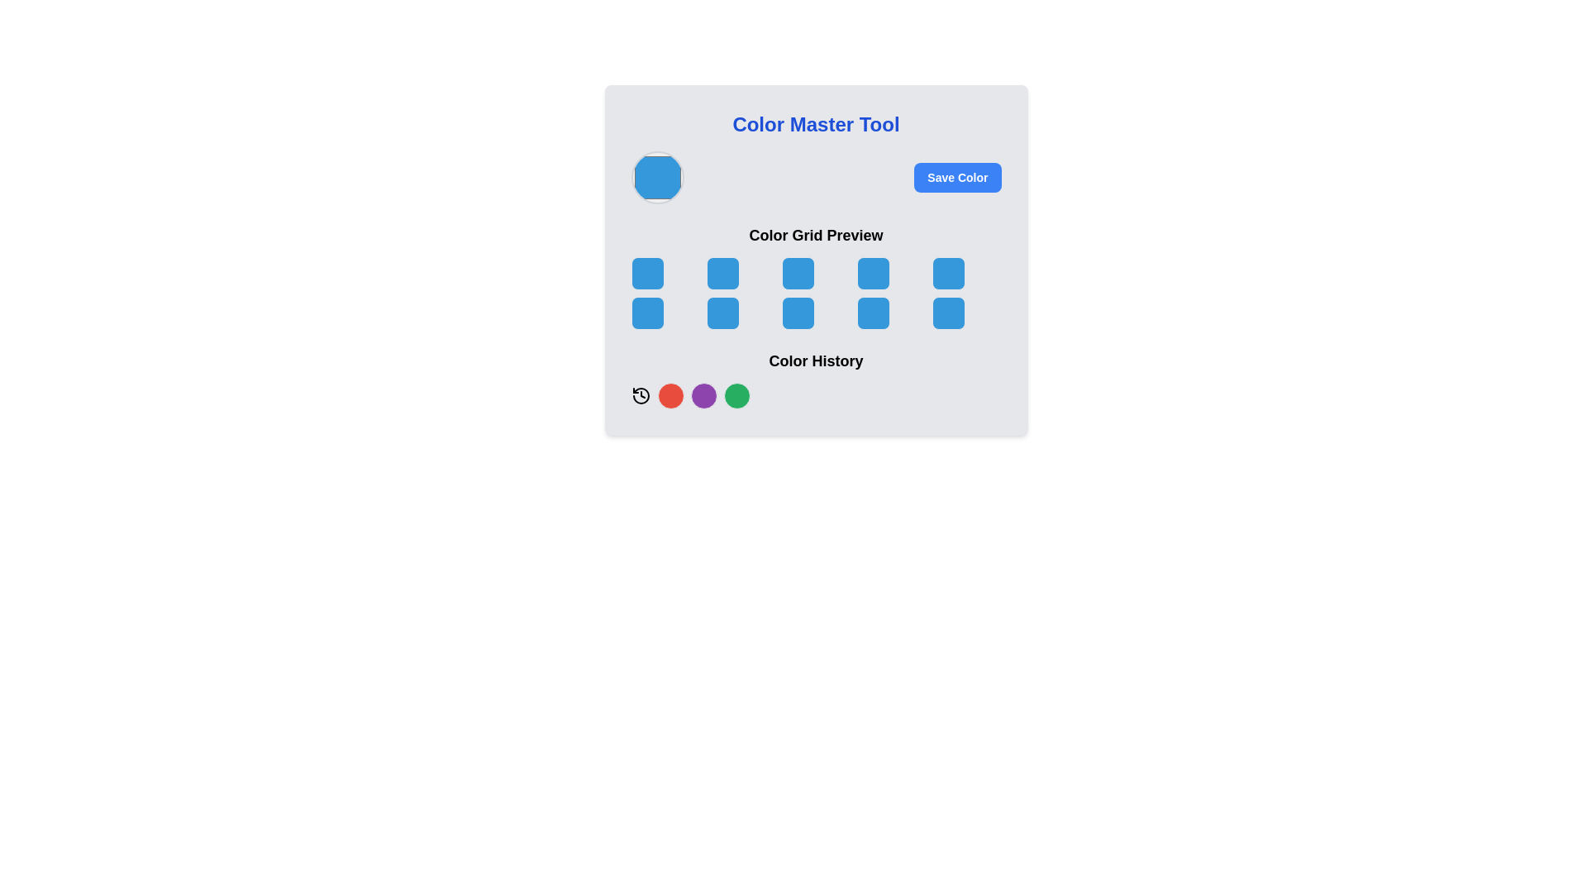 The height and width of the screenshot is (893, 1587). What do you see at coordinates (646, 313) in the screenshot?
I see `the Grid Item, which is a square with rounded corners and a solid blue fill, located in the second row, first position of the Color Grid Preview` at bounding box center [646, 313].